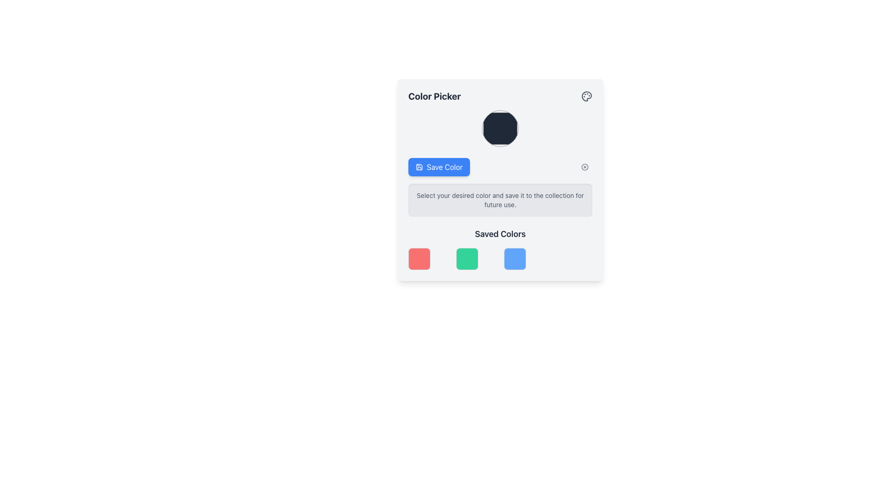  What do you see at coordinates (439, 167) in the screenshot?
I see `the save button located in the 'Color Picker' interface, positioned below the color preview circle` at bounding box center [439, 167].